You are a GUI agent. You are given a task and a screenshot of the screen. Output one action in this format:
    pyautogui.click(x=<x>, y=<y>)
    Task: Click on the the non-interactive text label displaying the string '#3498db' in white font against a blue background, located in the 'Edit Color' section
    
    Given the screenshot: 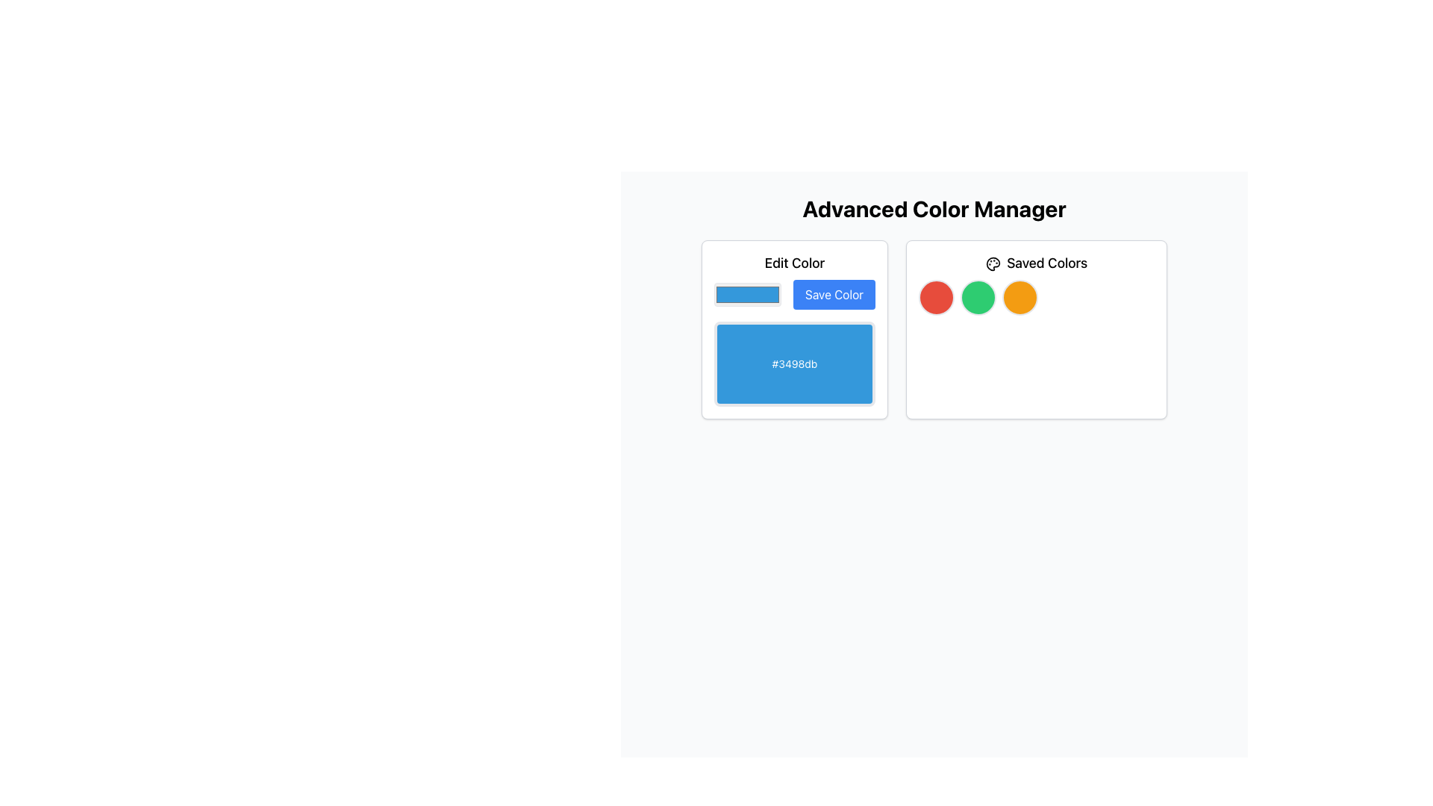 What is the action you would take?
    pyautogui.click(x=794, y=364)
    